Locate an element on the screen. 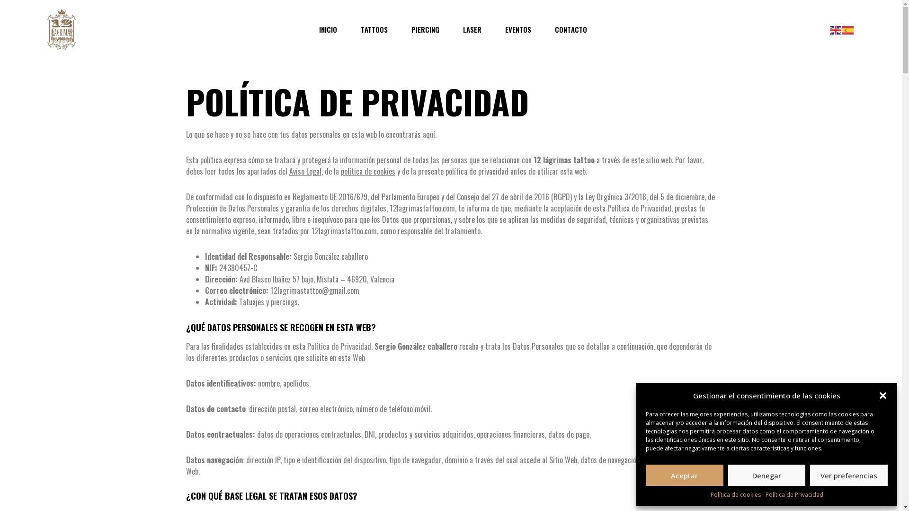 Image resolution: width=909 pixels, height=511 pixels. 'Aceptar' is located at coordinates (684, 475).